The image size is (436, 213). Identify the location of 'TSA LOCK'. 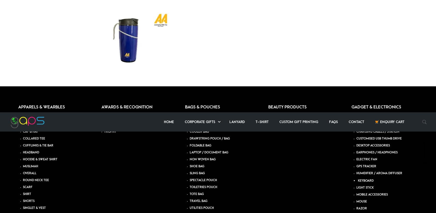
(363, 24).